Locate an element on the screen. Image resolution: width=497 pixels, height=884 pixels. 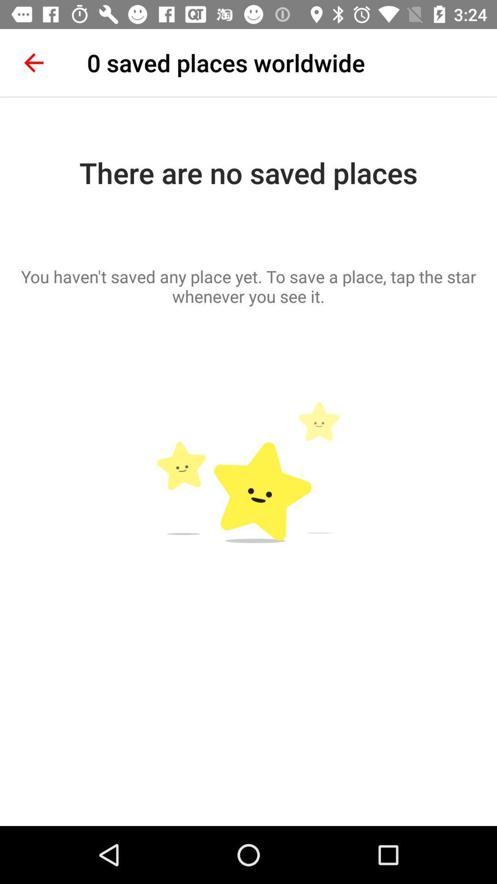
icon at the top left corner is located at coordinates (33, 62).